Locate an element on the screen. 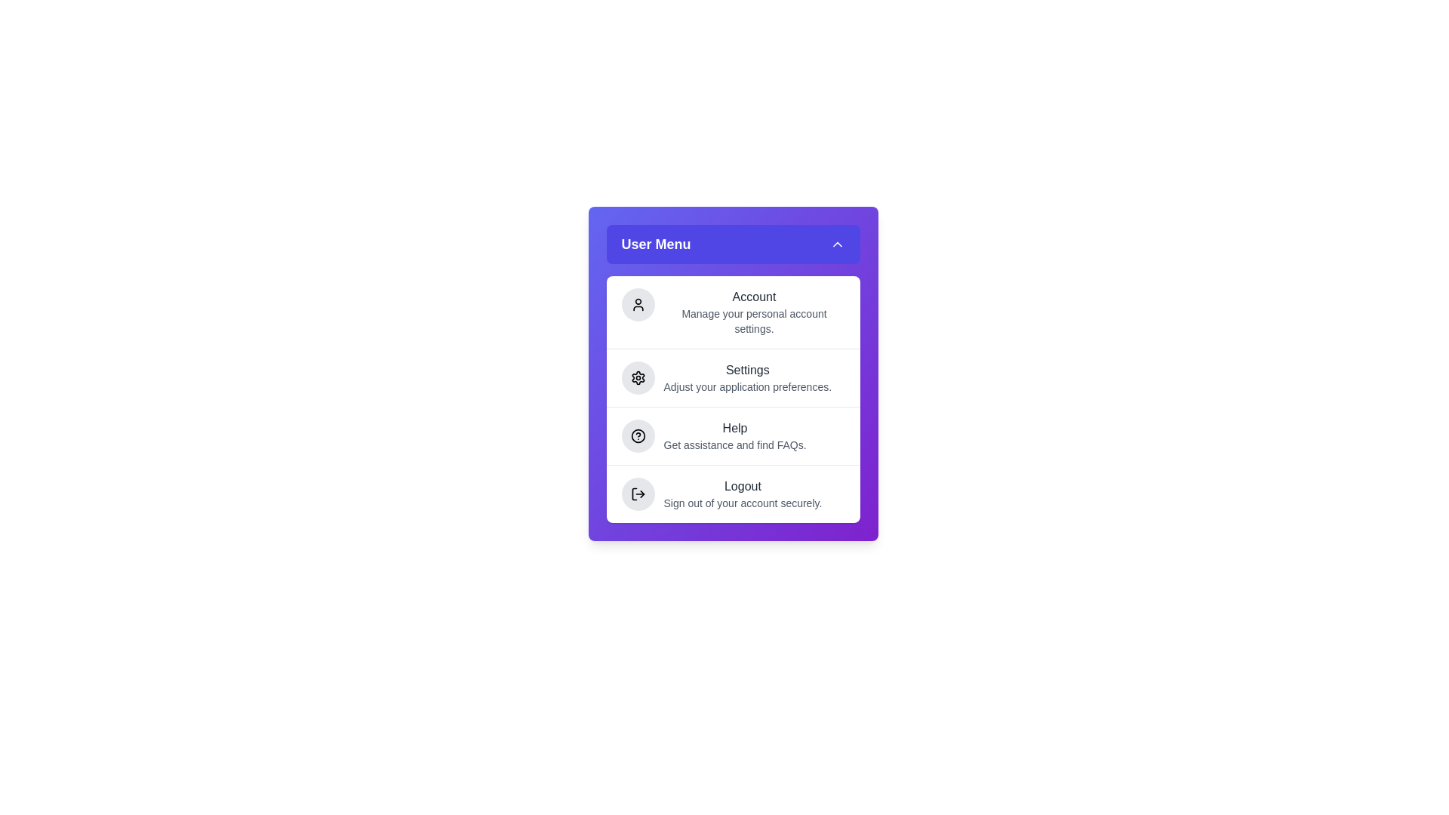  the menu item Settings to view its highlight effect is located at coordinates (733, 377).